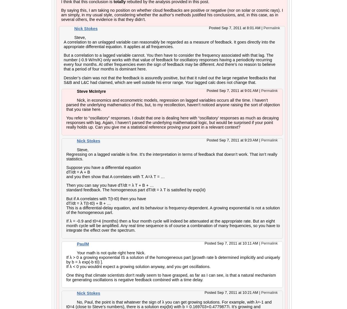  I want to click on 'You refer to “oscillatory” responses.  I doubt that one is dealing here with “oscillatory’ responses as much as decaying responses with lag.   Again, I haven’t parsed the underlying mathematical logic, but would be surprised if your point really holds up. Can you give me a statistical reference proving your point in a relevant context?', so click(172, 123).